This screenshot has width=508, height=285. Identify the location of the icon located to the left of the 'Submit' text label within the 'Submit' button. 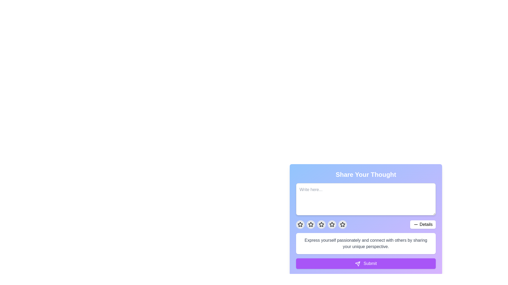
(357, 264).